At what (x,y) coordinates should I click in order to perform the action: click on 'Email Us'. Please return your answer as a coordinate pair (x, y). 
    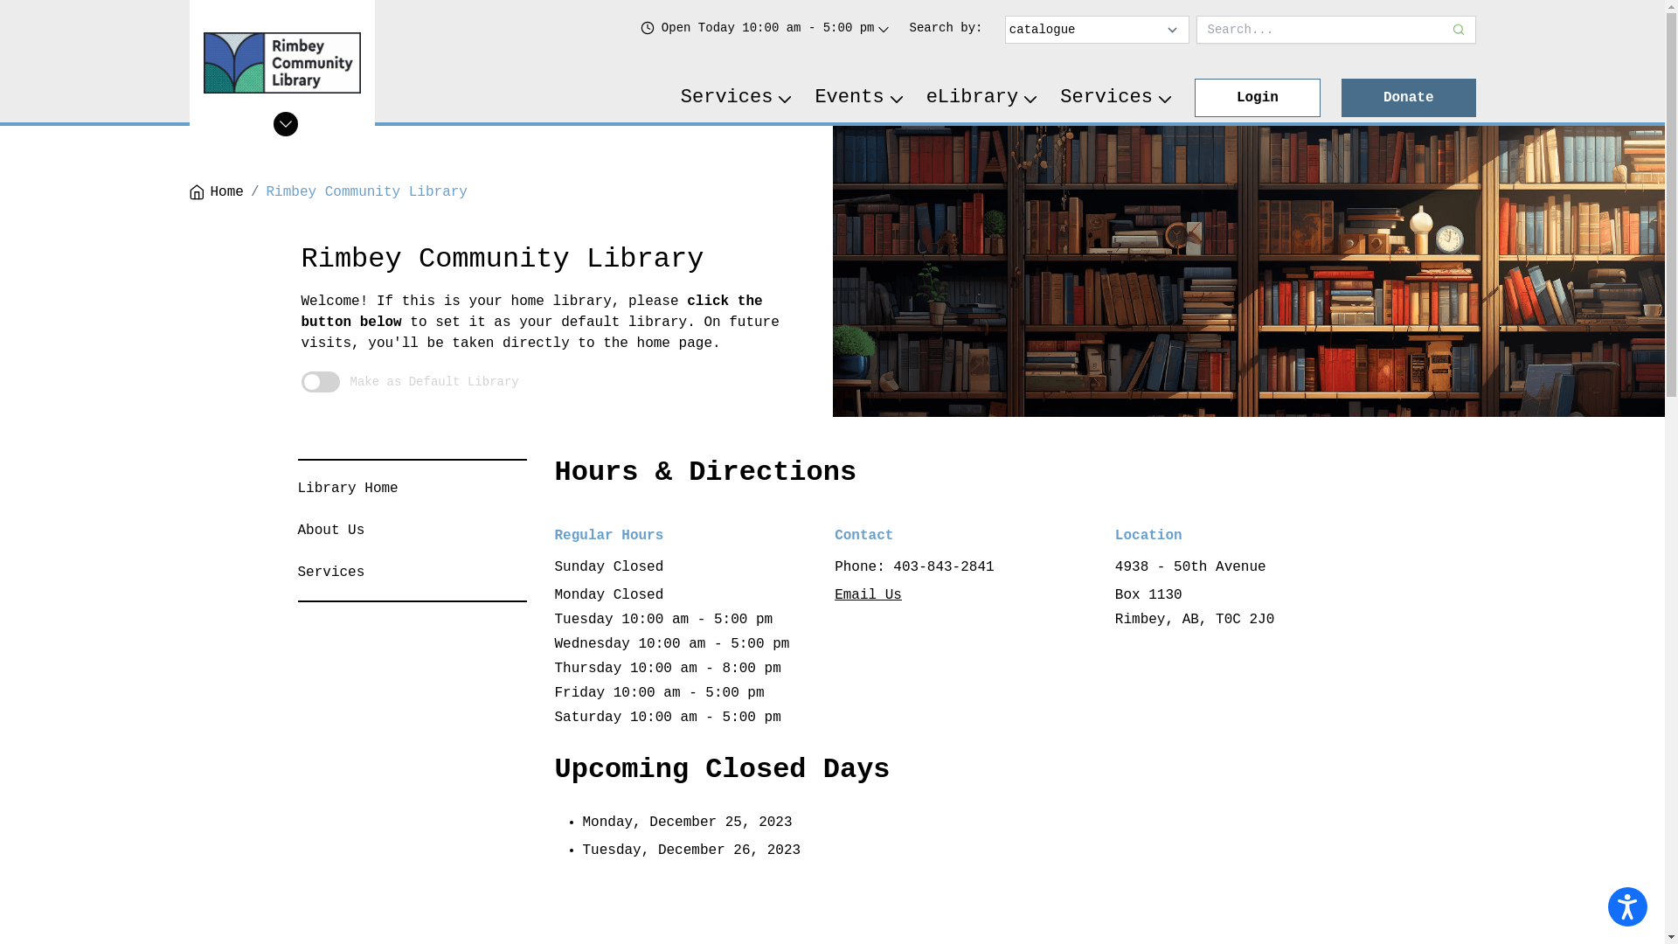
    Looking at the image, I should click on (834, 594).